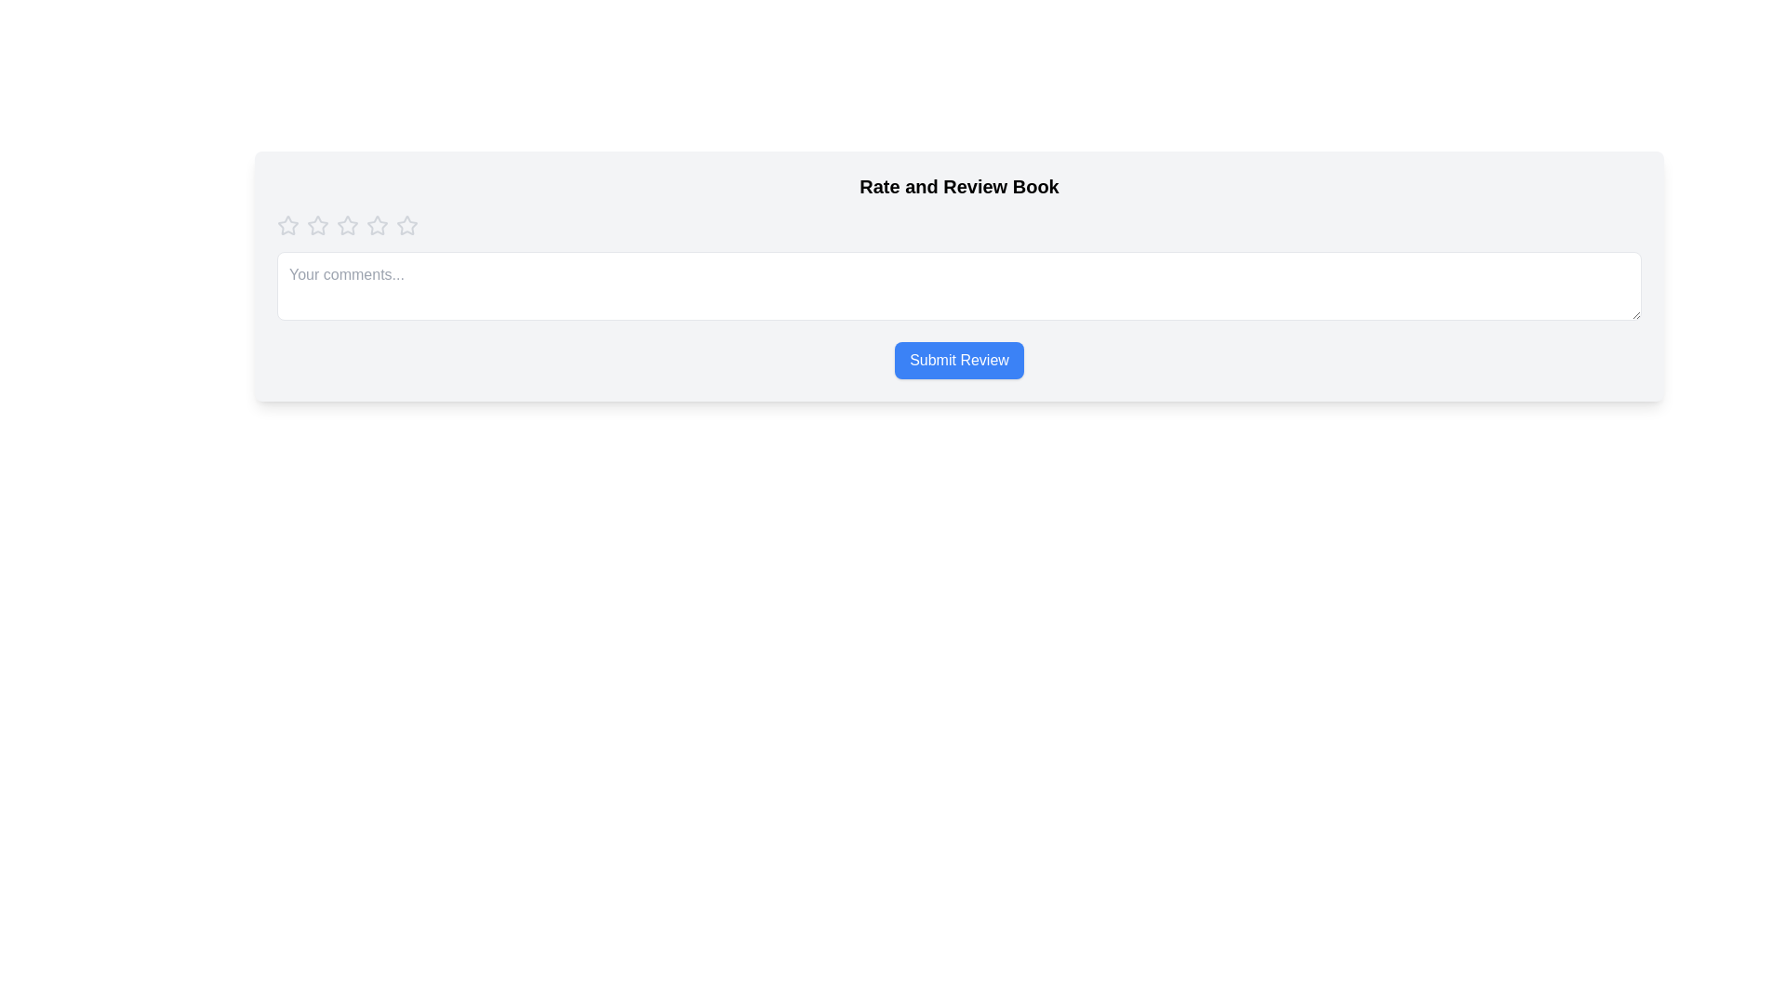 This screenshot has height=1004, width=1786. What do you see at coordinates (959, 286) in the screenshot?
I see `the text area and type a comment` at bounding box center [959, 286].